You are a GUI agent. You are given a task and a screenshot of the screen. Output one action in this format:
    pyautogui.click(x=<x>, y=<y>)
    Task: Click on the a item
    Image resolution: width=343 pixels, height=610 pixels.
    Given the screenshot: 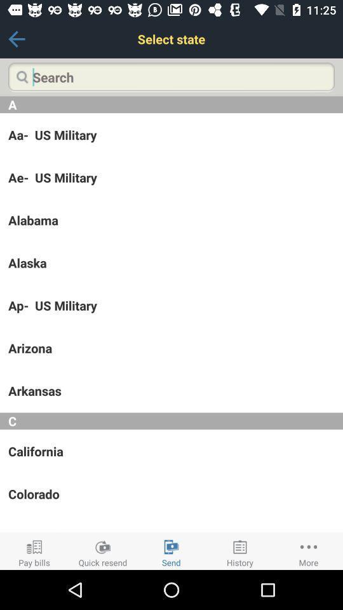 What is the action you would take?
    pyautogui.click(x=171, y=104)
    